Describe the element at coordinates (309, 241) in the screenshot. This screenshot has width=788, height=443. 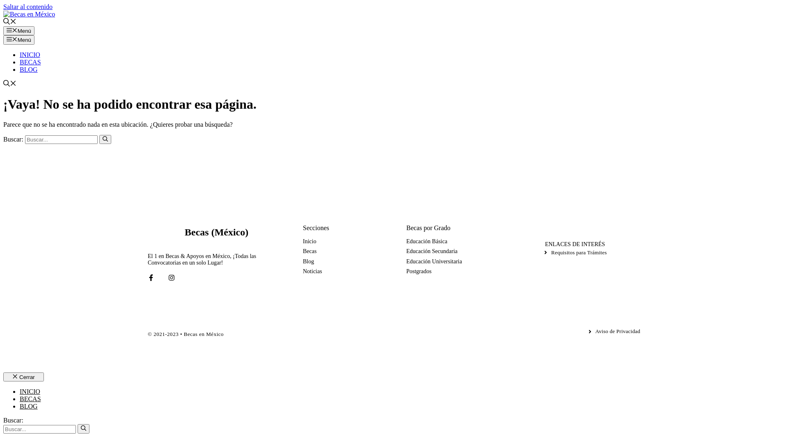
I see `'Inicio'` at that location.